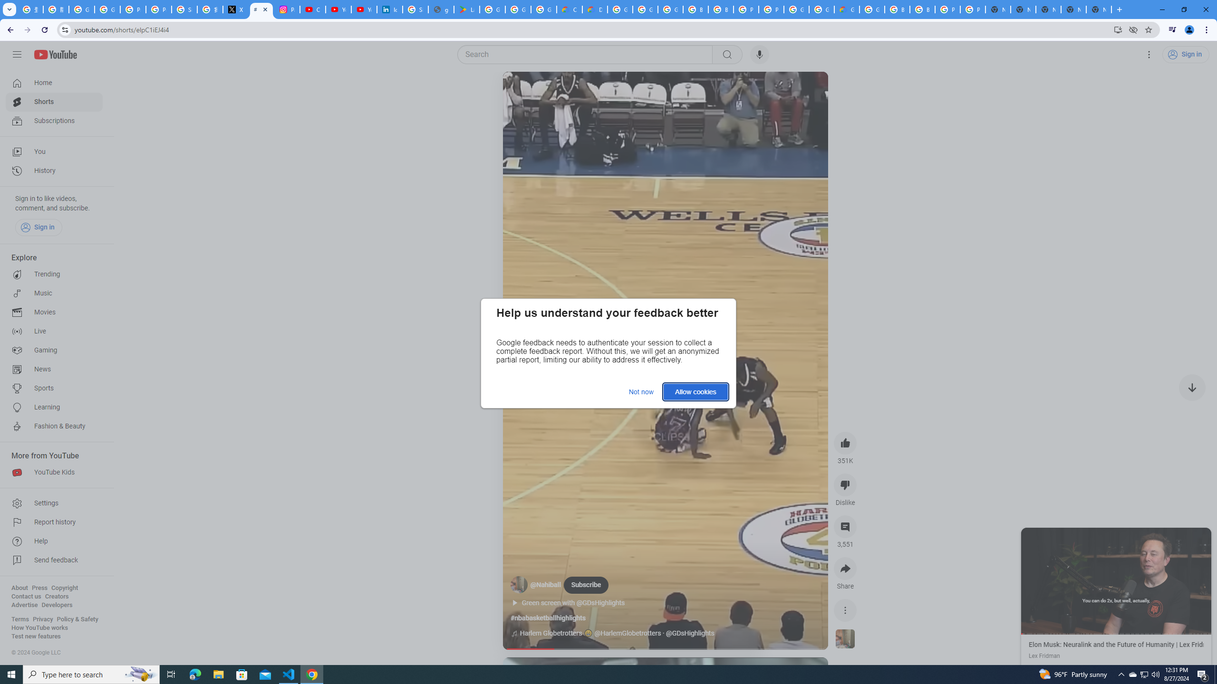  What do you see at coordinates (54, 82) in the screenshot?
I see `'Home'` at bounding box center [54, 82].